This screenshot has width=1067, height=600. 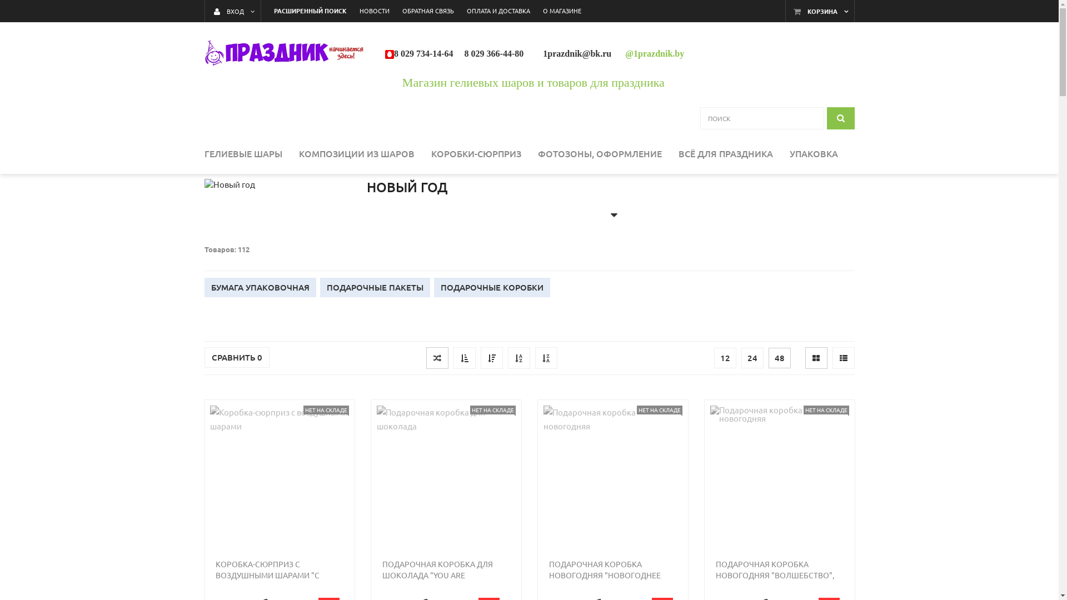 I want to click on '48', so click(x=778, y=358).